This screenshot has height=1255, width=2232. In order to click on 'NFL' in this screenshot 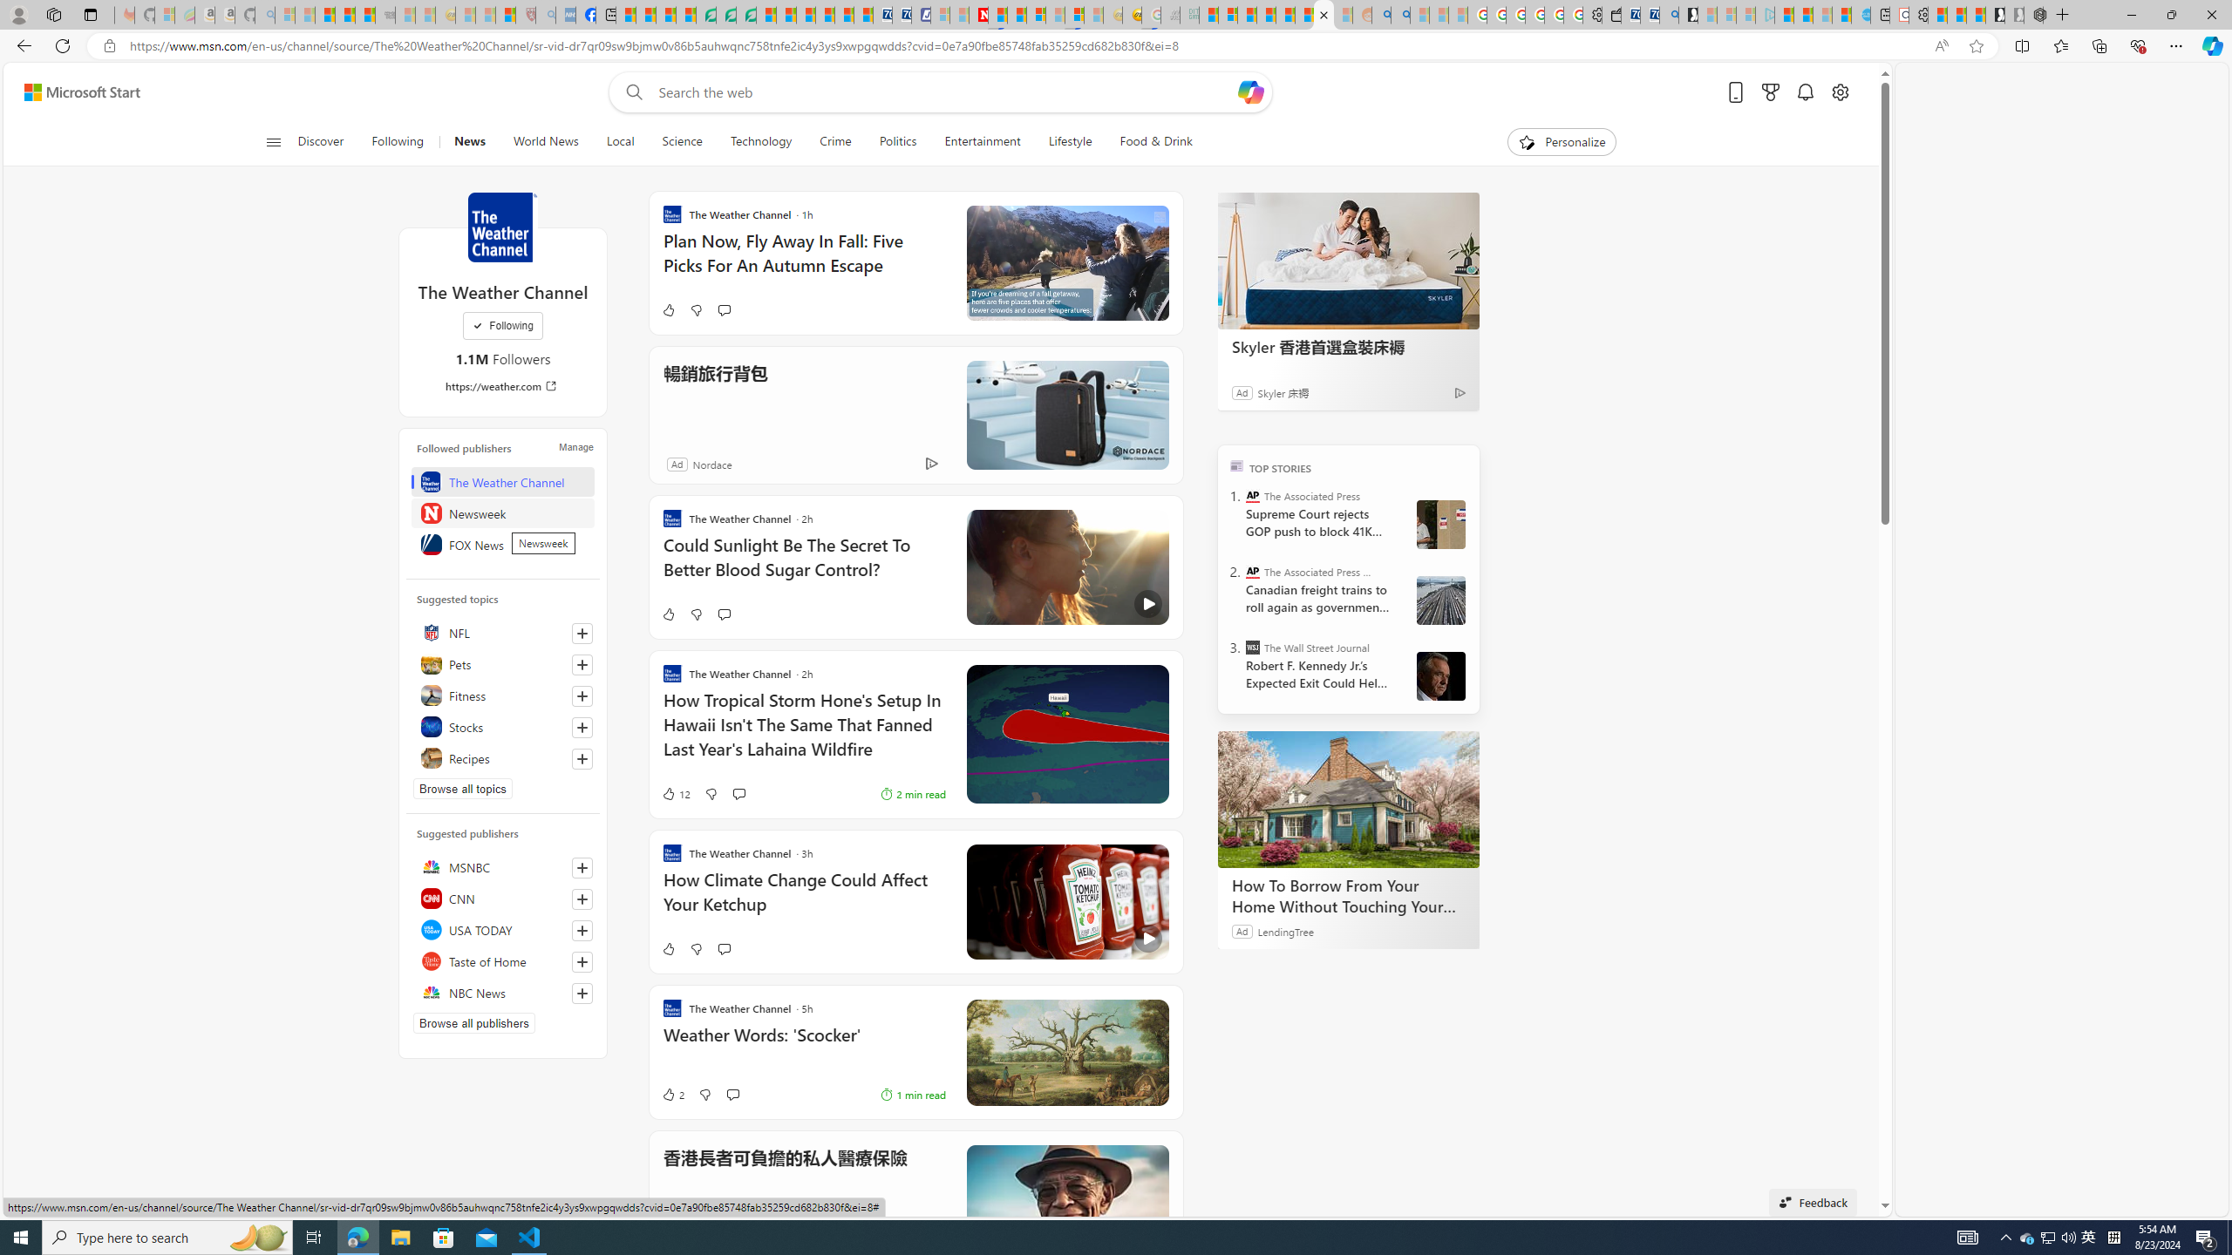, I will do `click(501, 631)`.